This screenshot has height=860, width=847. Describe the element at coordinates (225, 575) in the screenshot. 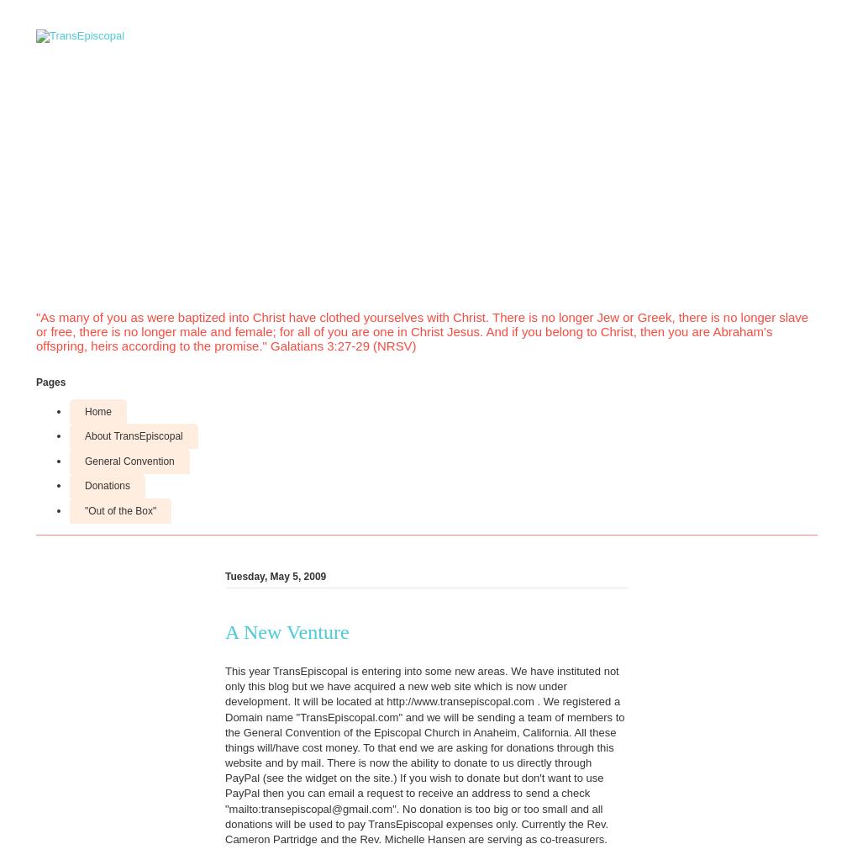

I see `'Tuesday, May 5, 2009'` at that location.